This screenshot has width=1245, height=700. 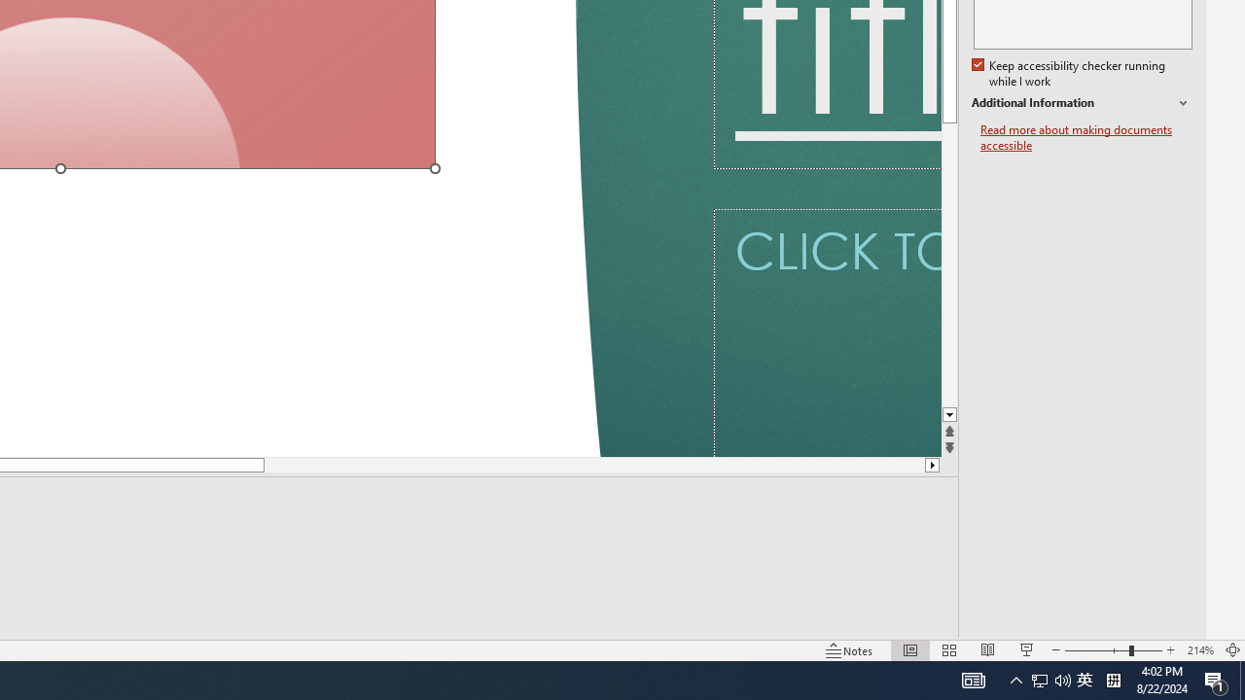 What do you see at coordinates (987, 650) in the screenshot?
I see `'Reading View'` at bounding box center [987, 650].